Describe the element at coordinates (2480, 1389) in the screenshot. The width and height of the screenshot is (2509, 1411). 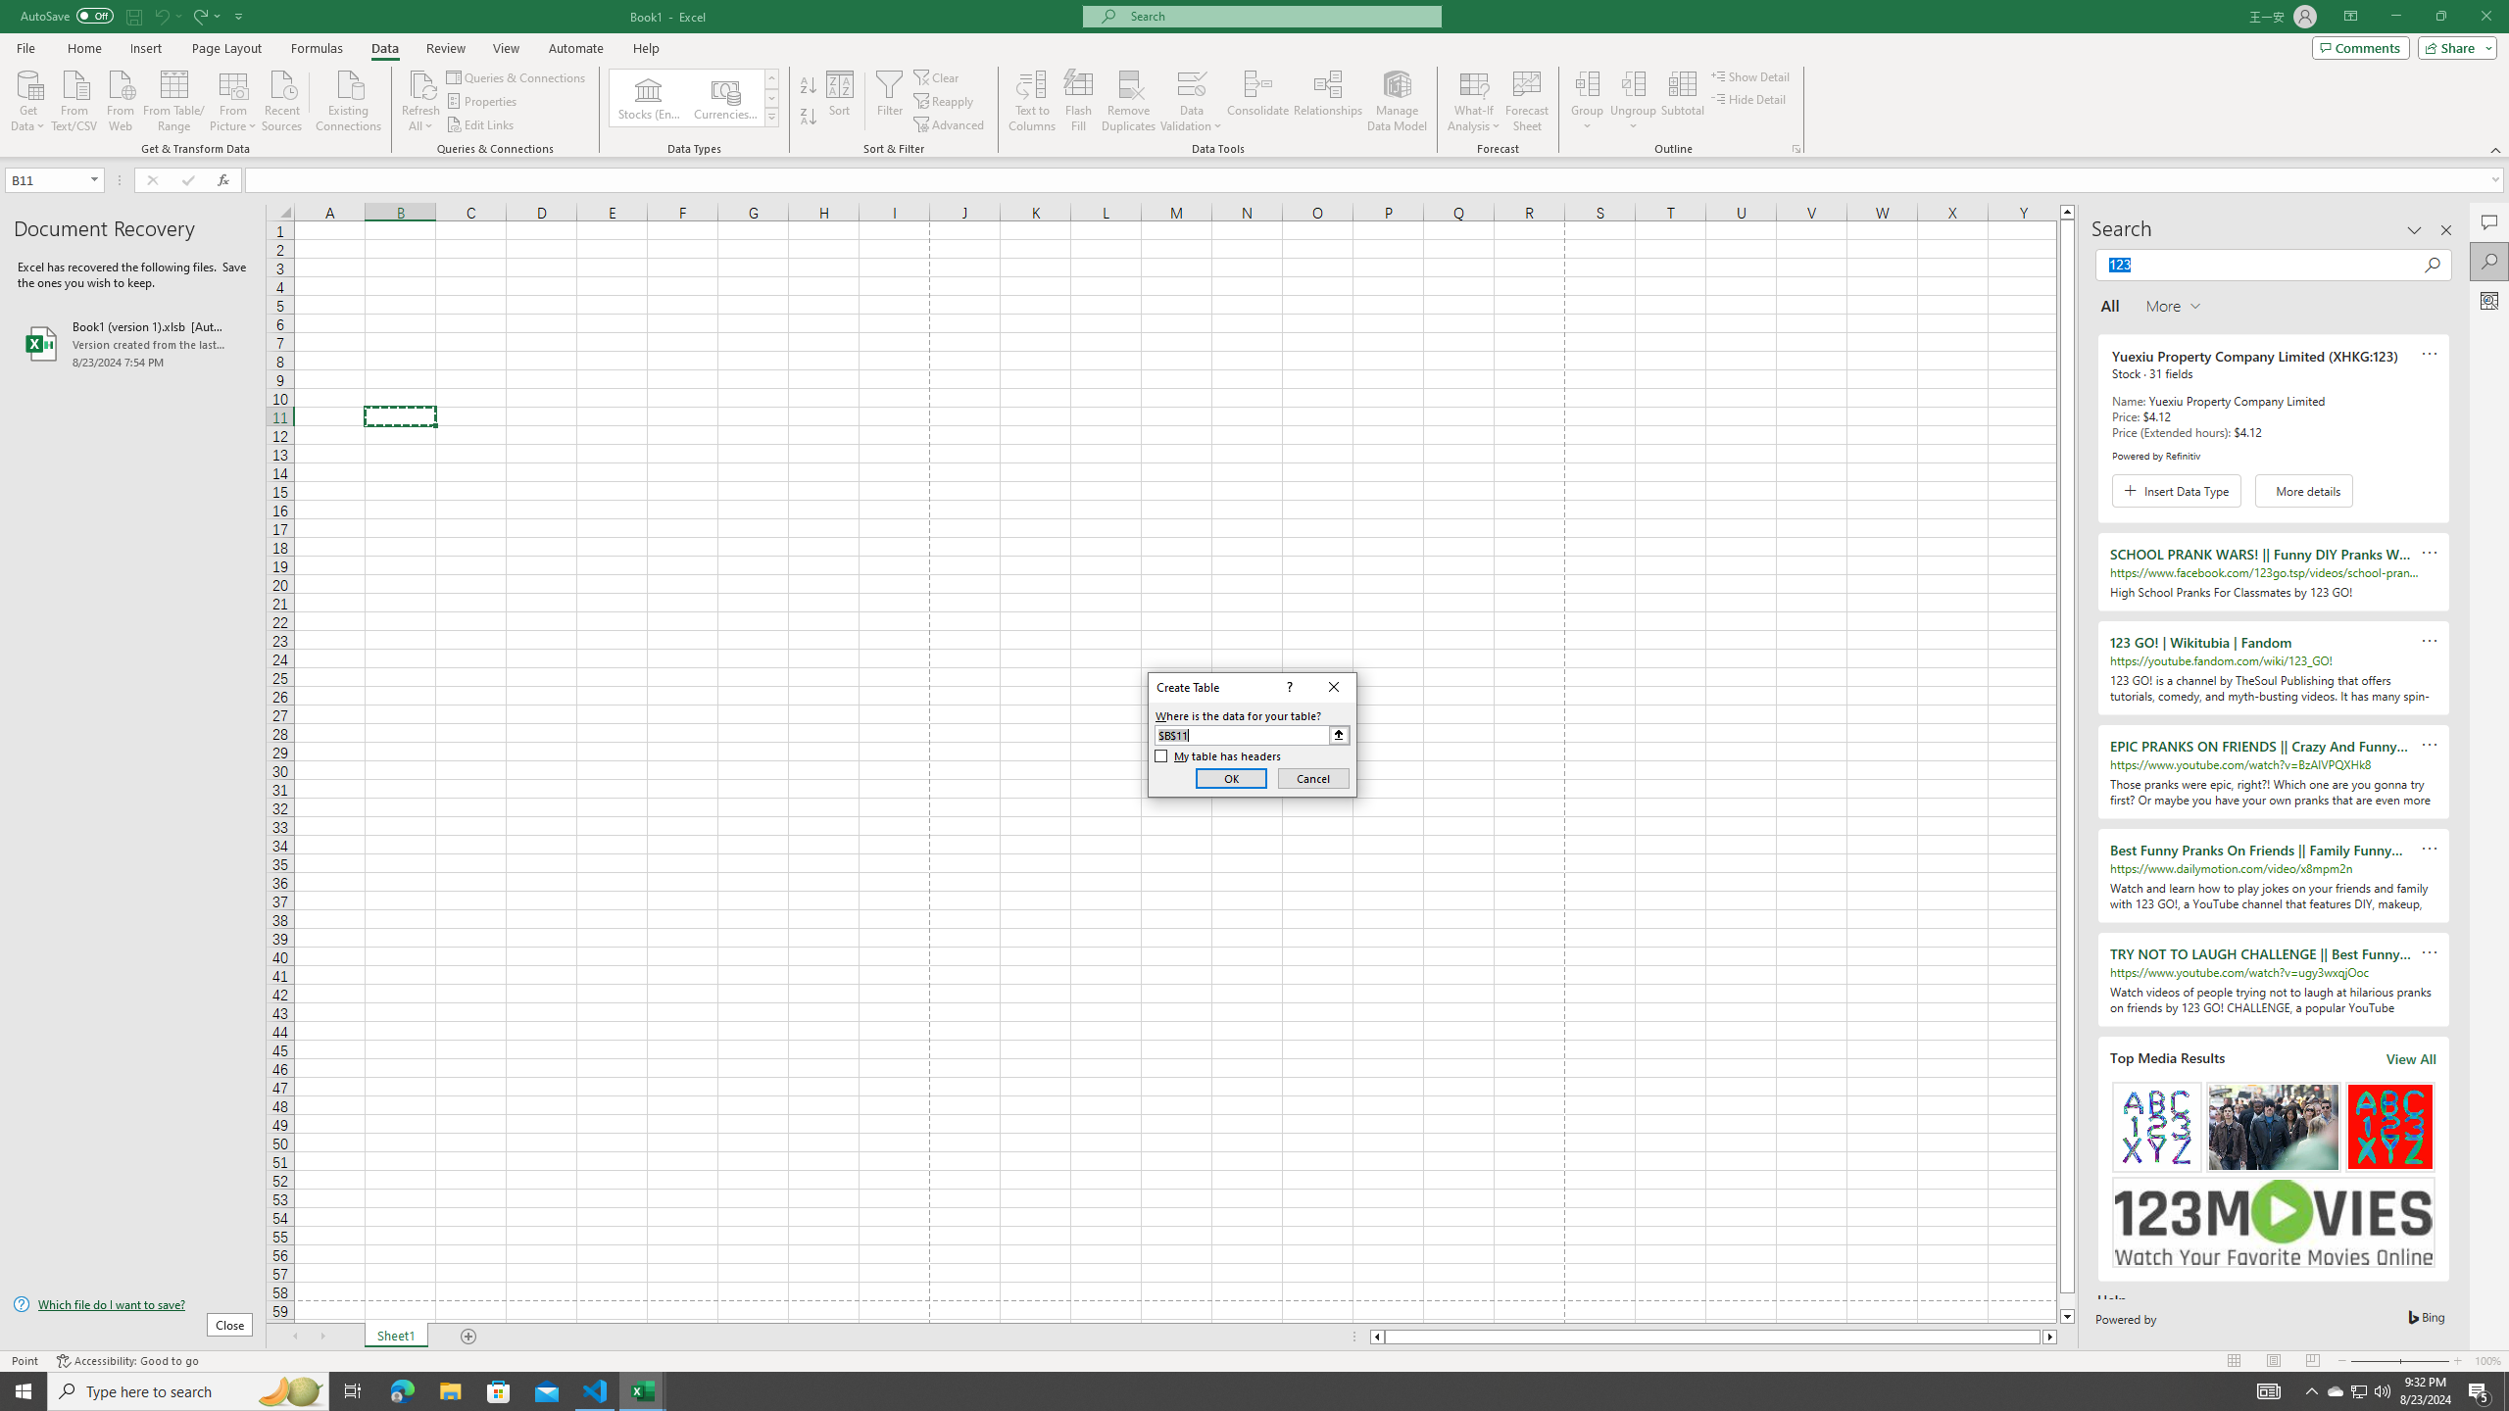
I see `'Action Center, 5 new notifications'` at that location.